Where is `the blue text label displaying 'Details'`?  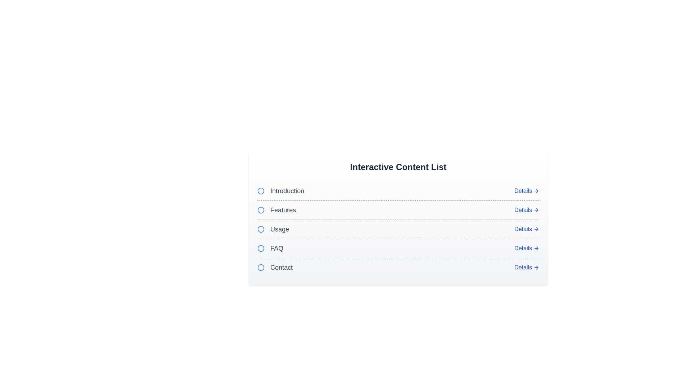 the blue text label displaying 'Details' is located at coordinates (523, 190).